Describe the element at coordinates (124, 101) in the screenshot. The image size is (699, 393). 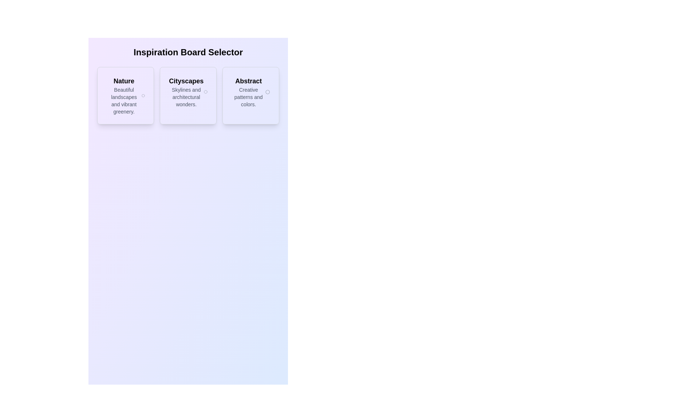
I see `descriptive text displayed in the text block that says 'Beautiful landscapes and vibrant greenery.' located within the 'Nature' card` at that location.